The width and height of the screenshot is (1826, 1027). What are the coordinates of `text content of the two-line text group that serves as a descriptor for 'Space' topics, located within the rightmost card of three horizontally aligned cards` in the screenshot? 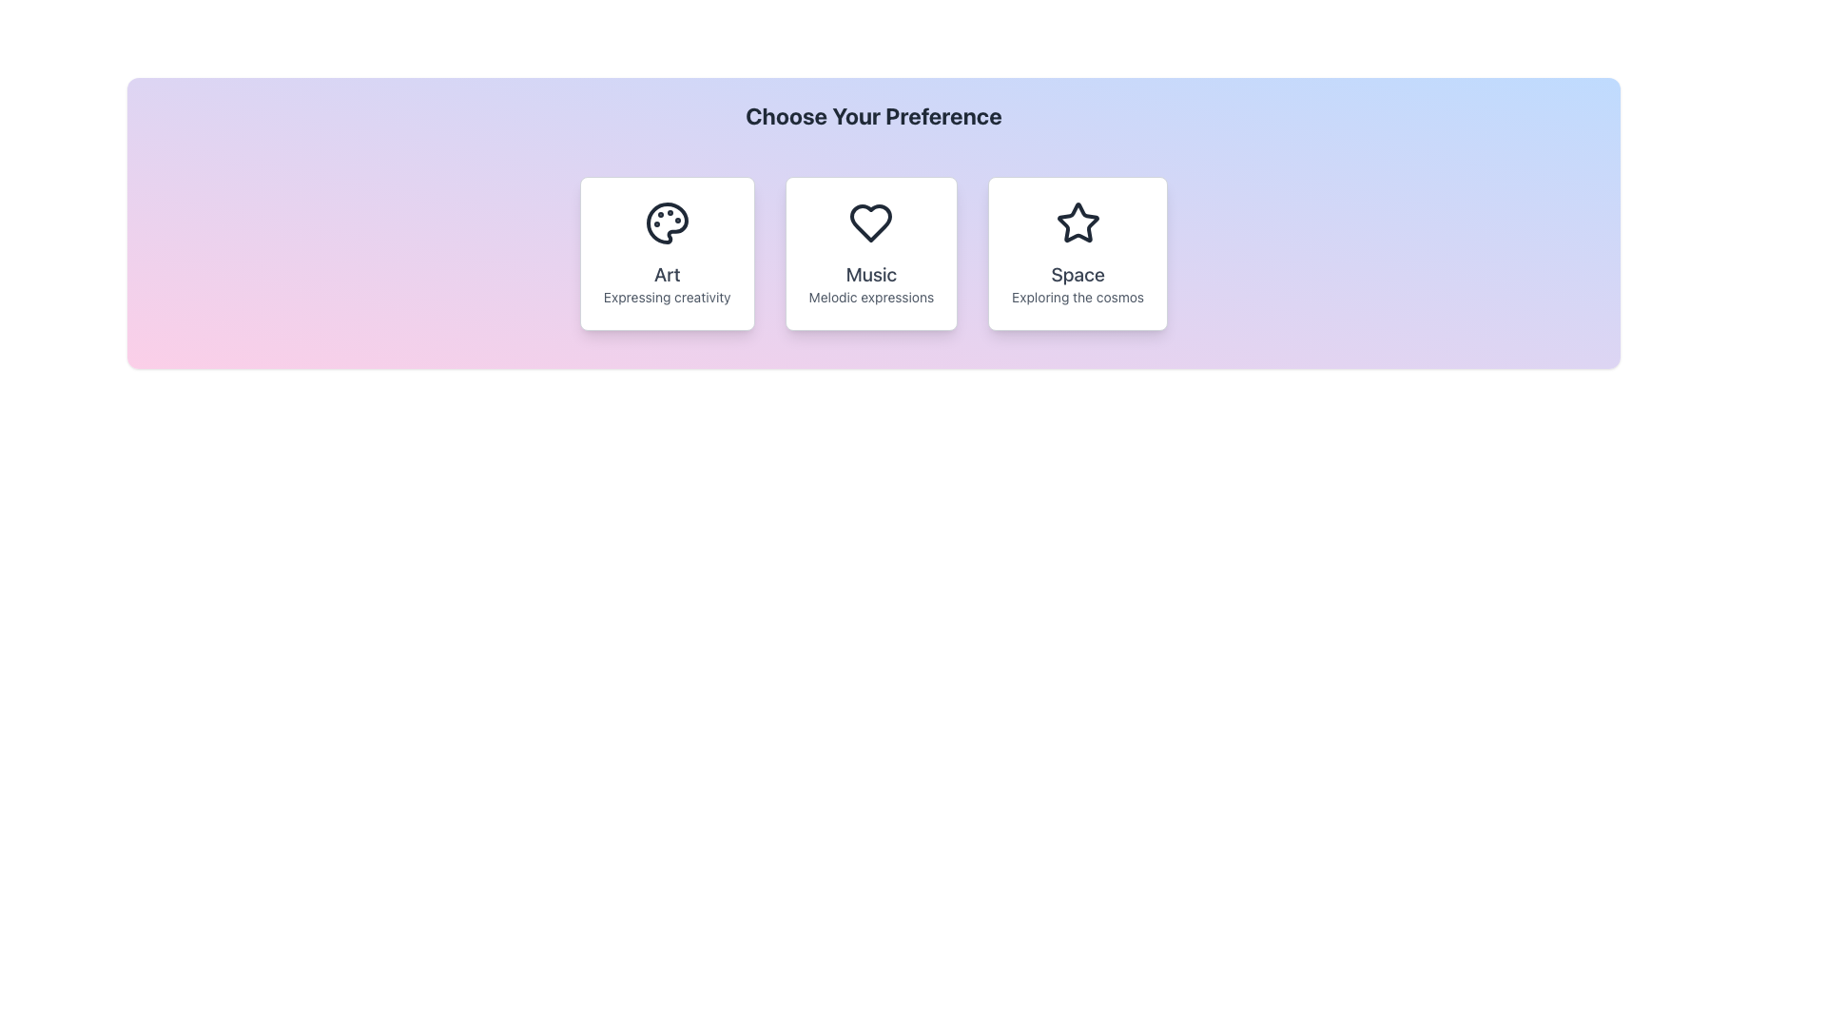 It's located at (1078, 284).